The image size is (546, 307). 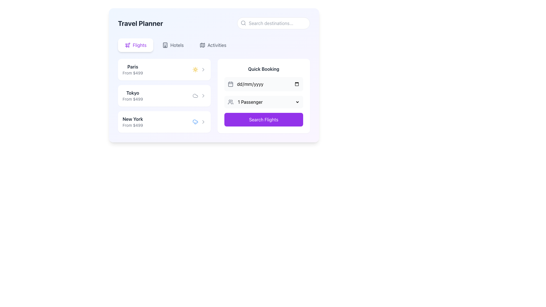 What do you see at coordinates (263, 119) in the screenshot?
I see `the 'Search Flights' button with a purple background and white text, located at the bottom of the 'Quick Booking' section` at bounding box center [263, 119].